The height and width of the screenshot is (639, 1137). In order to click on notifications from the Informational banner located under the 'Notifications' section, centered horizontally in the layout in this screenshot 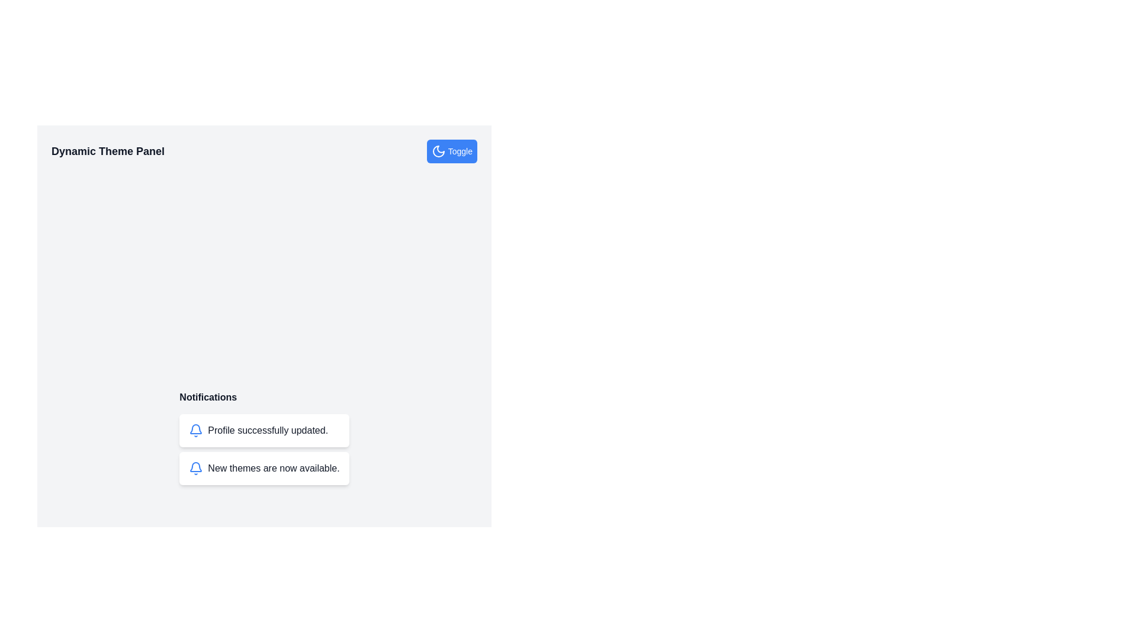, I will do `click(264, 449)`.